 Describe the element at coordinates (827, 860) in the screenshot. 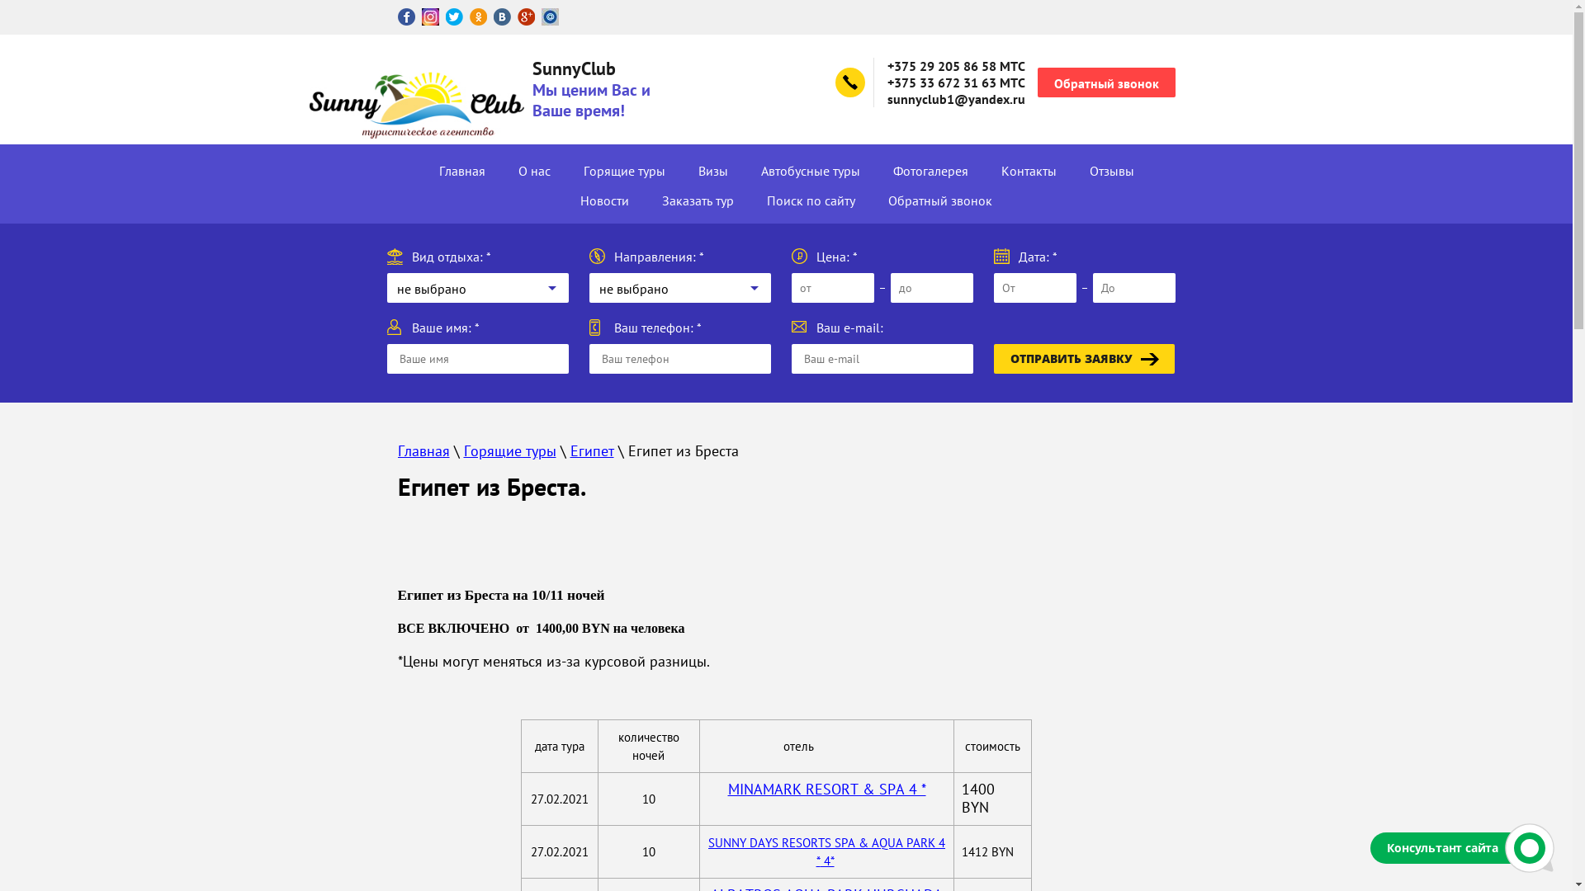

I see `' 4*'` at that location.